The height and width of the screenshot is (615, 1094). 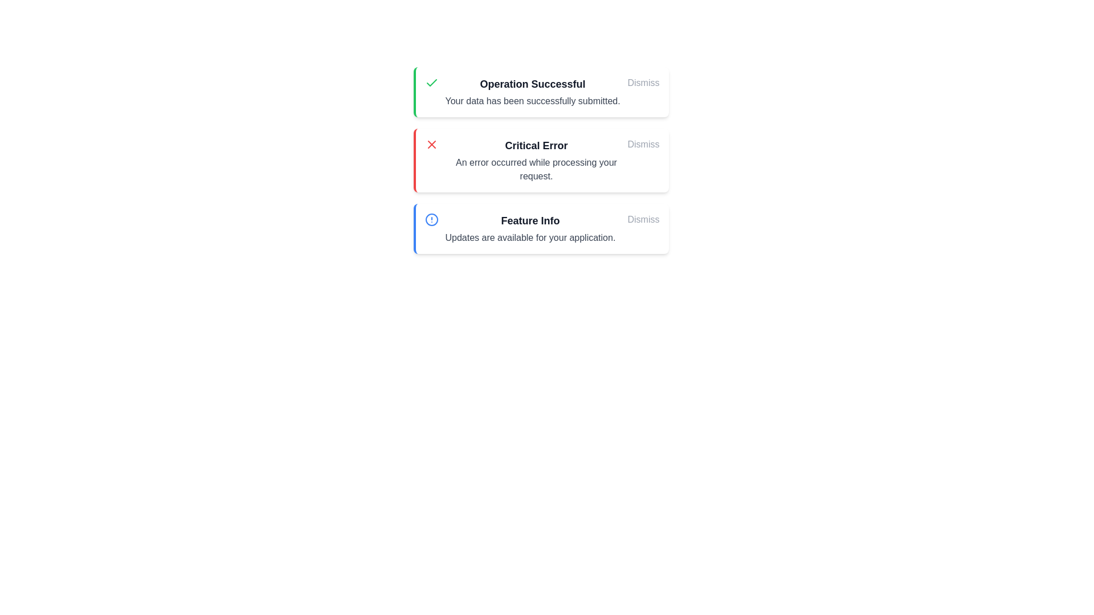 I want to click on 'Dismiss' button for the message titled 'Operation Successful', so click(x=643, y=83).